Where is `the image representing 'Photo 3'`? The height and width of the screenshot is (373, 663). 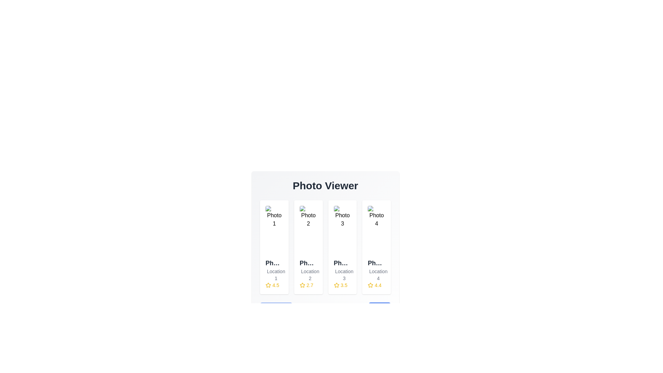
the image representing 'Photo 3' is located at coordinates (342, 230).